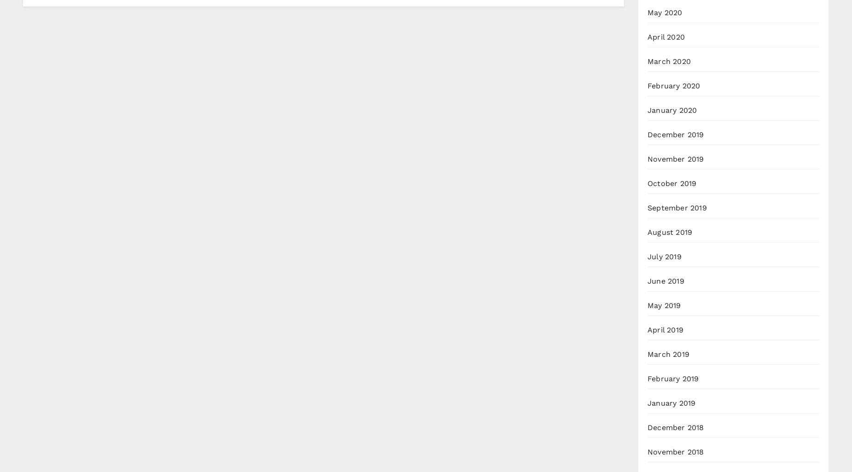  I want to click on 'April 2020', so click(648, 36).